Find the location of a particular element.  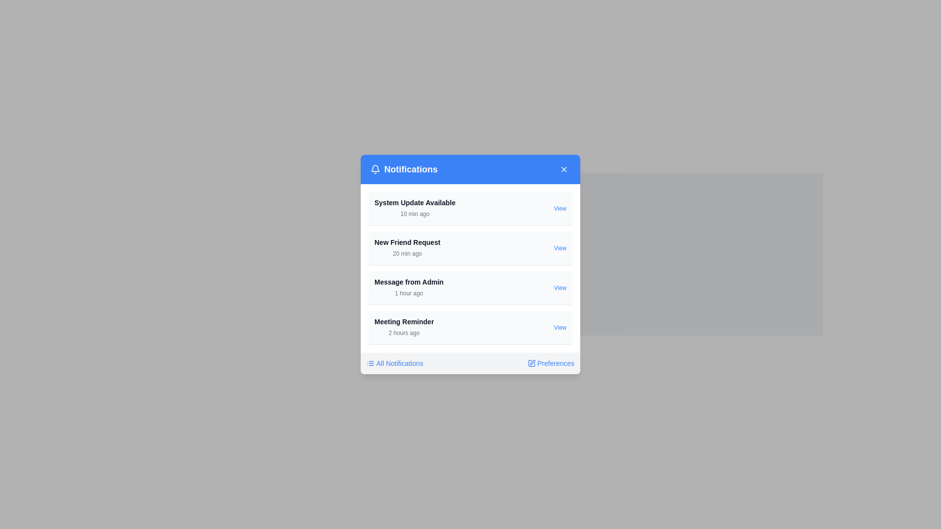

the meeting reminder's timestamp displayed in the notification panel as the fourth item under 'Notifications' is located at coordinates (404, 327).